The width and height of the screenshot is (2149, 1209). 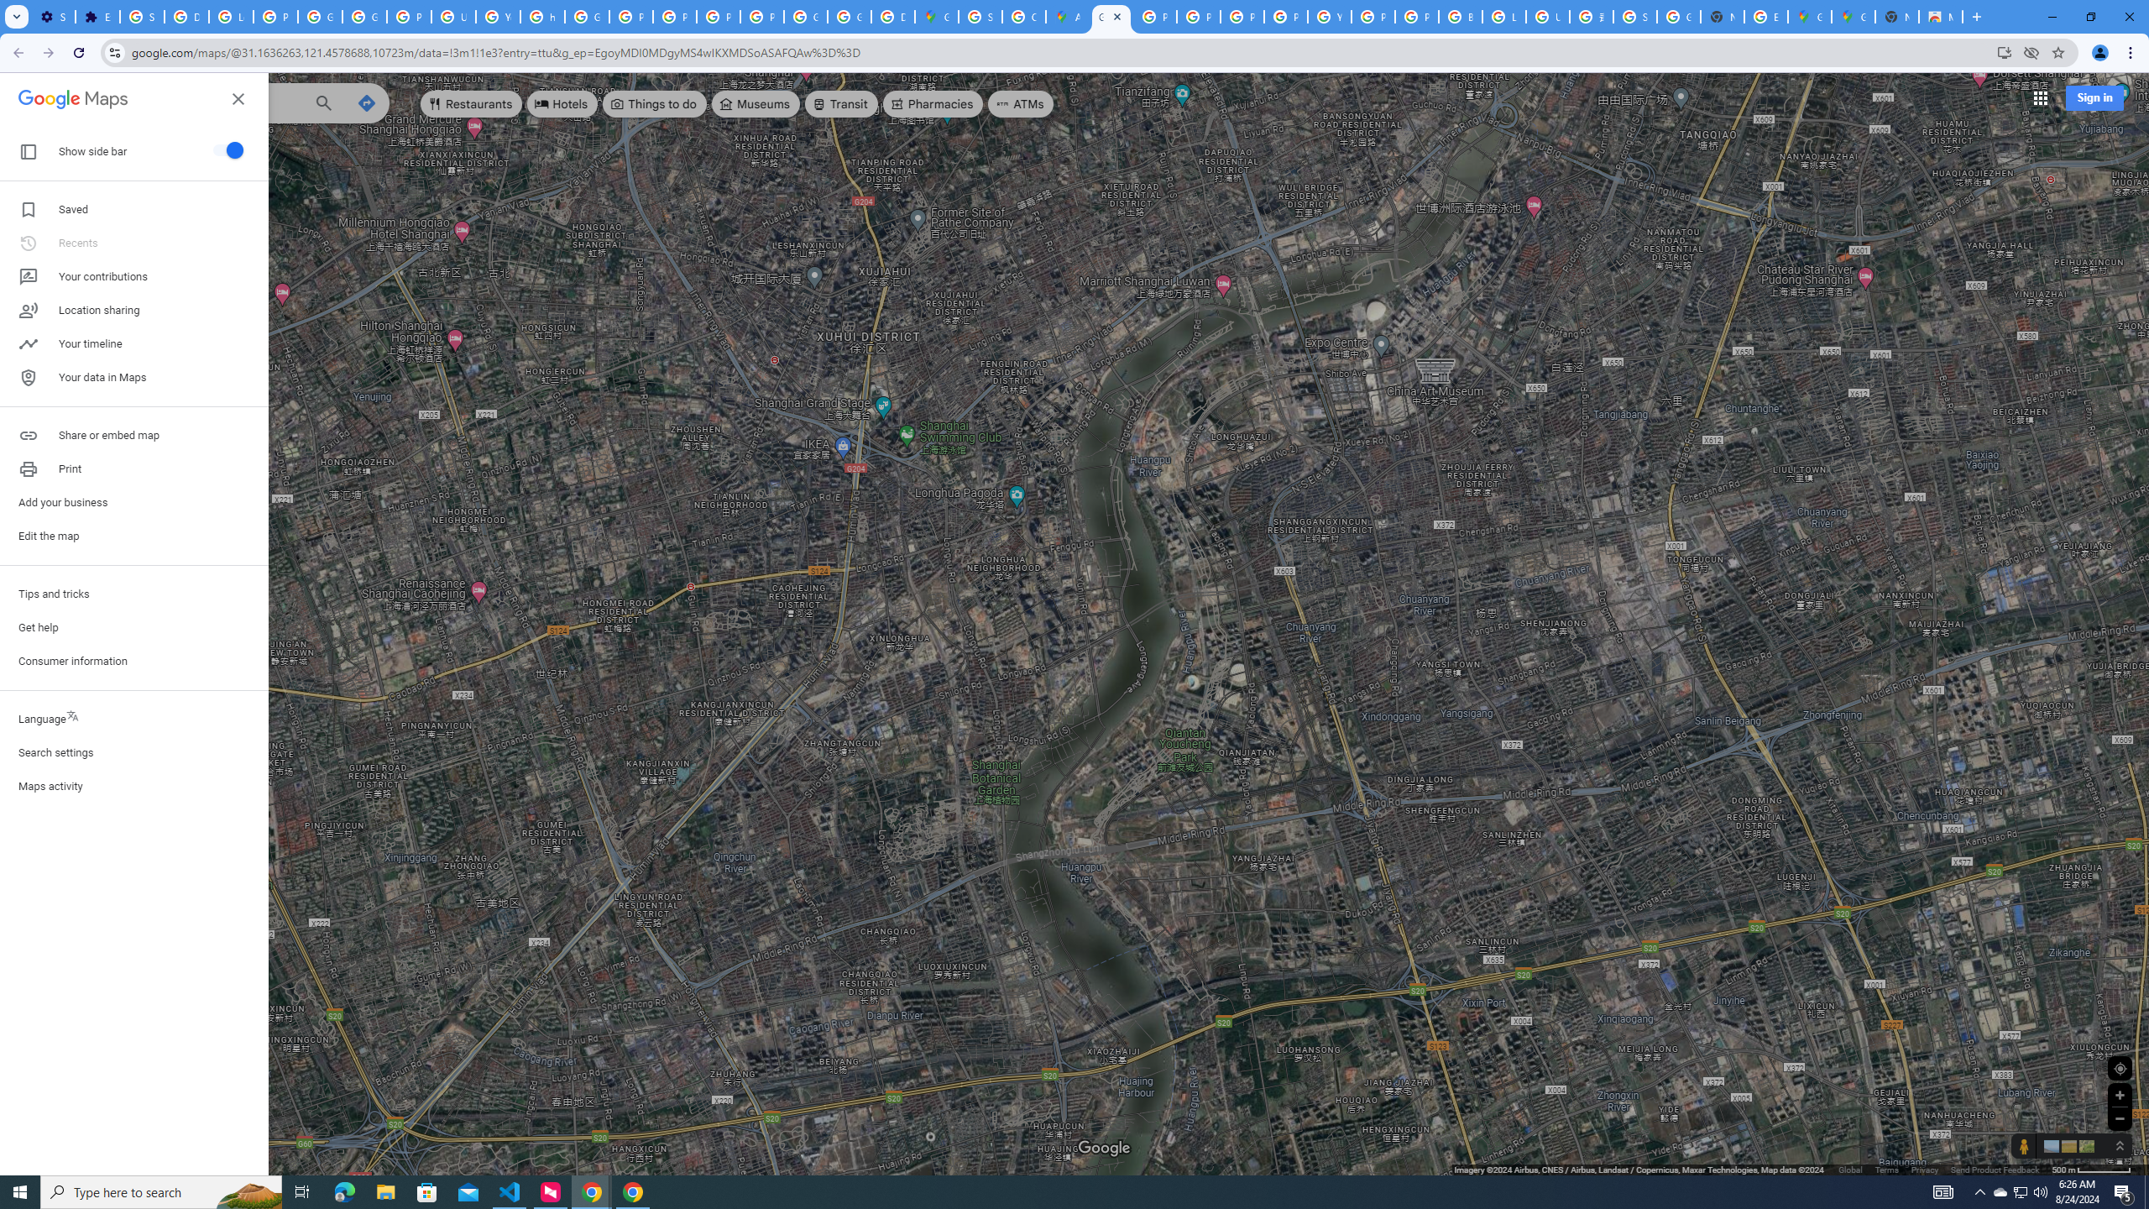 What do you see at coordinates (497, 16) in the screenshot?
I see `'YouTube'` at bounding box center [497, 16].